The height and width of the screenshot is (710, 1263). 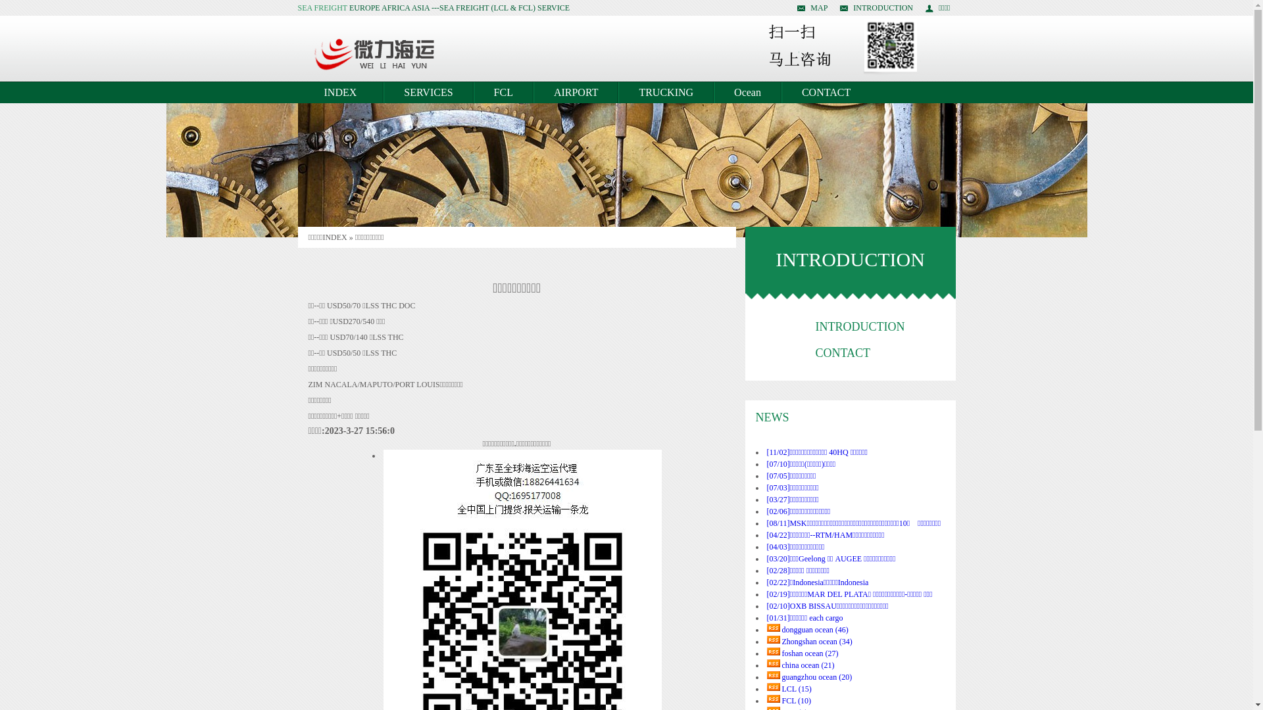 I want to click on 'rss', so click(x=774, y=698).